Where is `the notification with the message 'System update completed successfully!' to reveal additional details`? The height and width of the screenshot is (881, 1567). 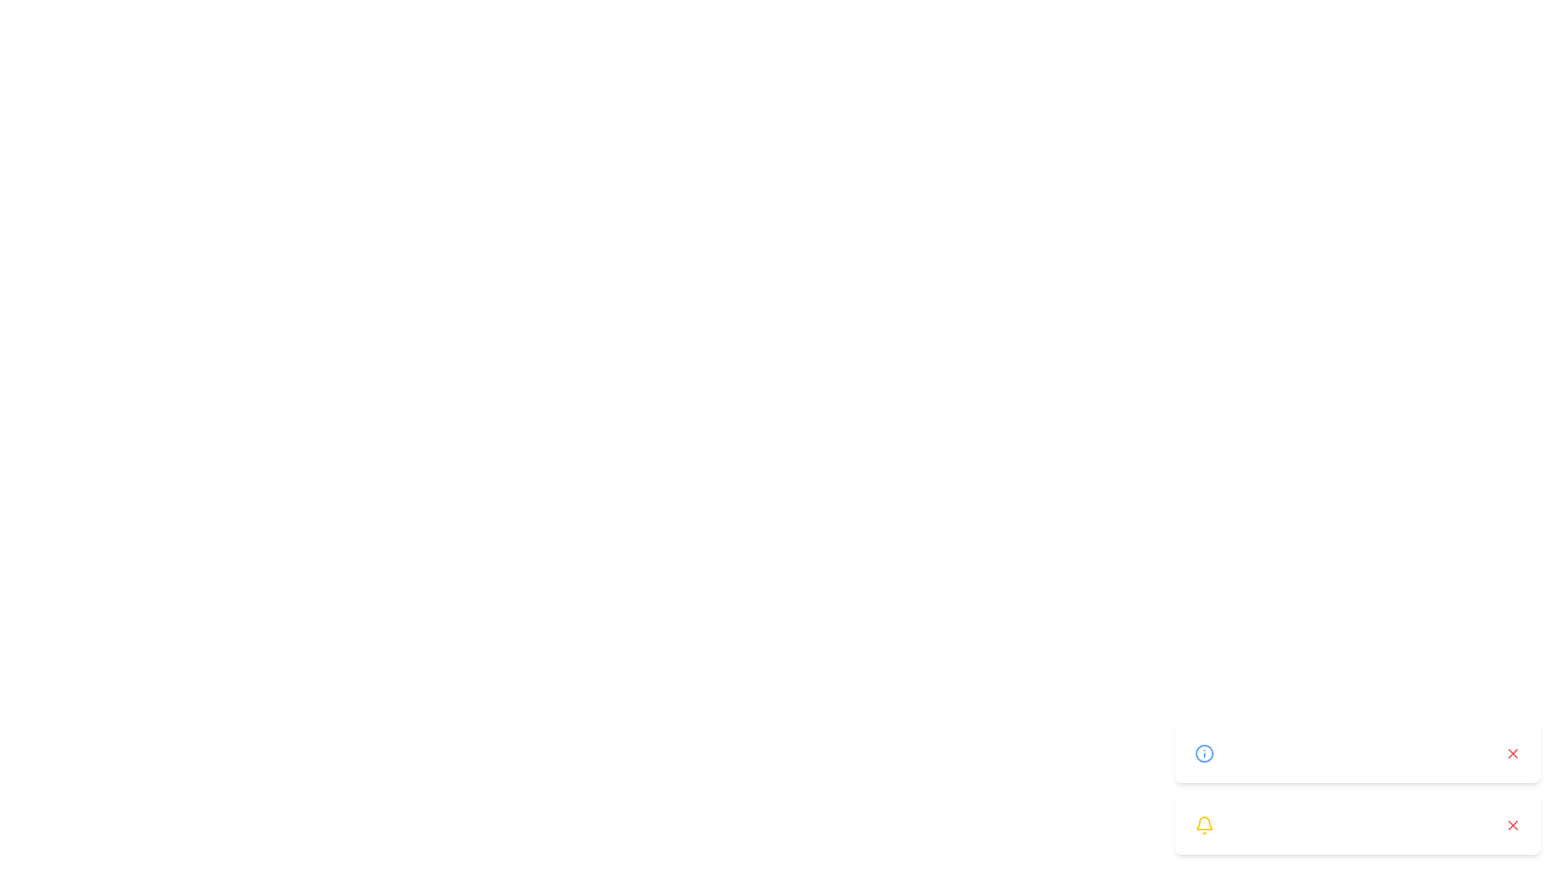
the notification with the message 'System update completed successfully!' to reveal additional details is located at coordinates (1358, 754).